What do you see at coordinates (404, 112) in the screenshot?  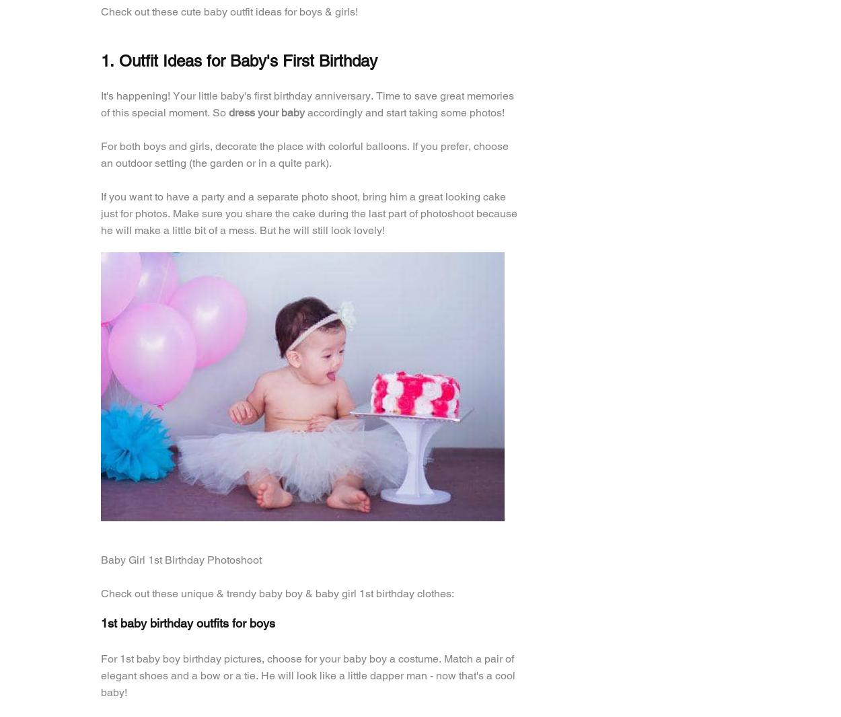 I see `'accordingly and start taking some photos!'` at bounding box center [404, 112].